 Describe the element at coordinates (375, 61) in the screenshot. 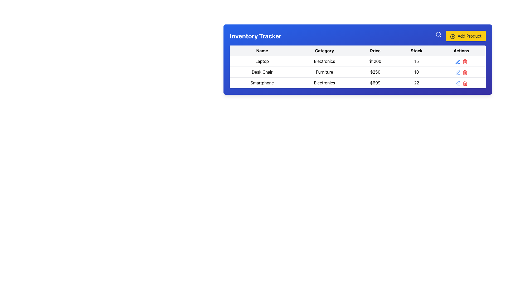

I see `the price text label for the 'Laptop' product in the inventory table, which is the third item in the row under the 'Price' column` at that location.